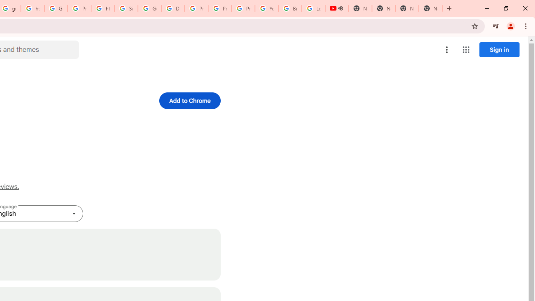 The width and height of the screenshot is (535, 301). Describe the element at coordinates (431, 8) in the screenshot. I see `'New Tab'` at that location.